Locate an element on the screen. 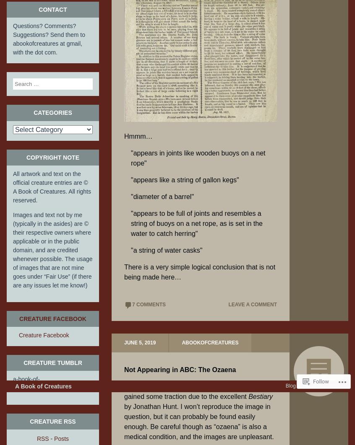 The width and height of the screenshot is (355, 445). 'a string of water casks' is located at coordinates (166, 250).